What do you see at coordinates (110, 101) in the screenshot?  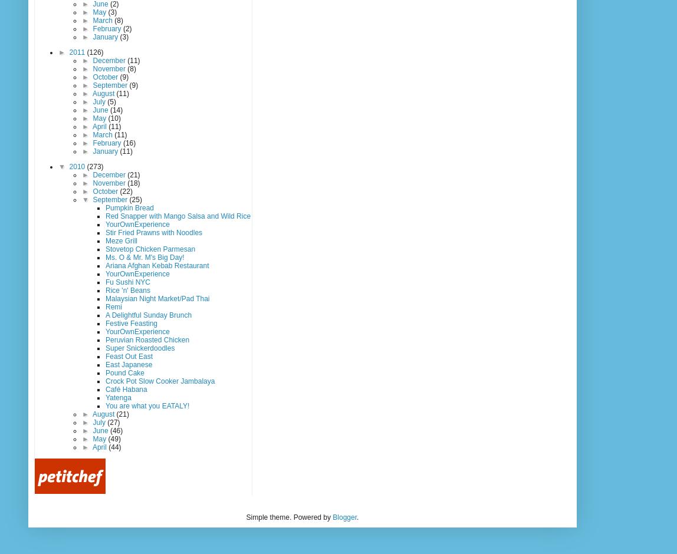 I see `'(5)'` at bounding box center [110, 101].